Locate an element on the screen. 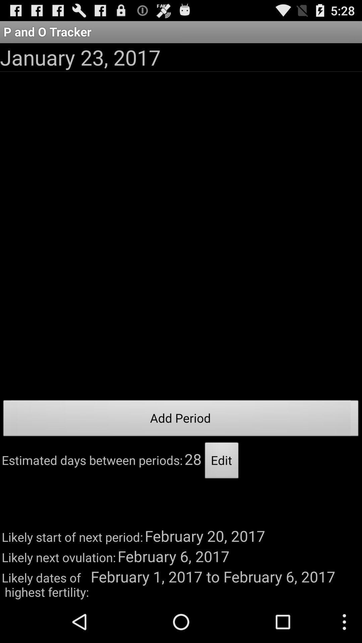 The image size is (362, 643). item next to the 28 item is located at coordinates (222, 462).